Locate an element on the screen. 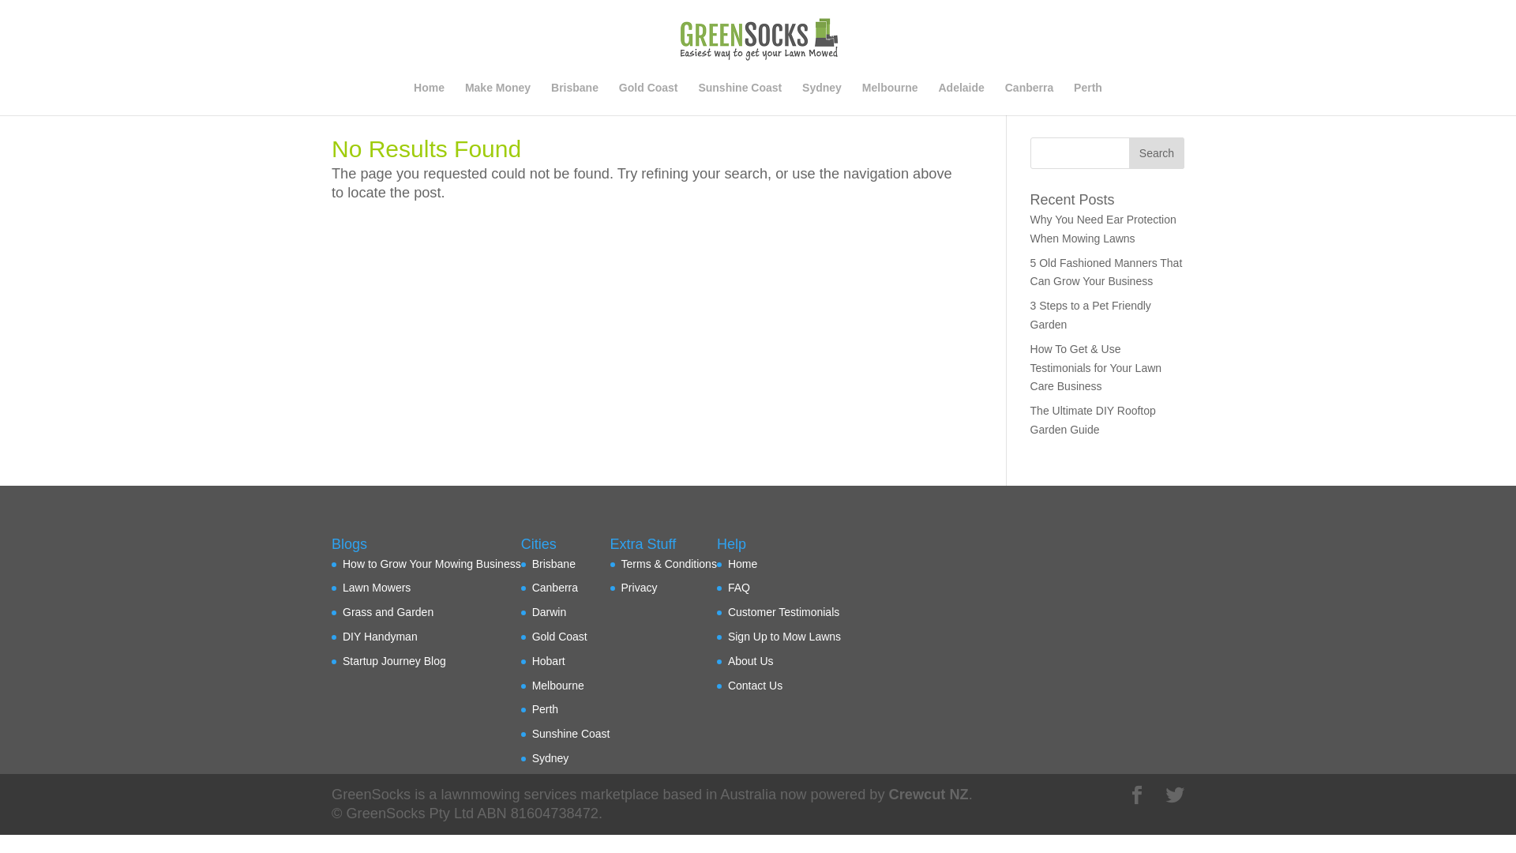 This screenshot has width=1516, height=853. 'About Us' is located at coordinates (749, 661).